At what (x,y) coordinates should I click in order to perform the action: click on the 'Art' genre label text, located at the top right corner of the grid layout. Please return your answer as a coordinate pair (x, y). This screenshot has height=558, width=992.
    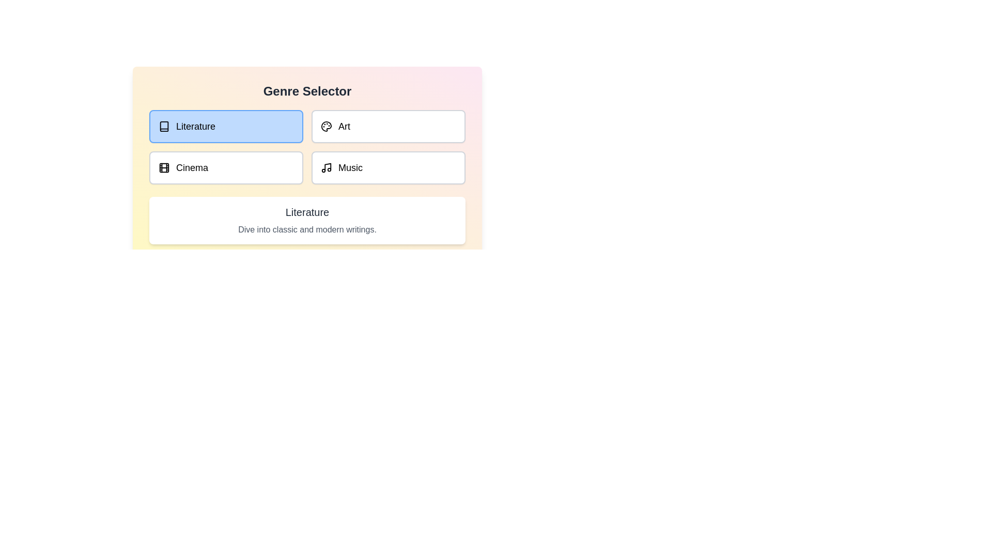
    Looking at the image, I should click on (344, 126).